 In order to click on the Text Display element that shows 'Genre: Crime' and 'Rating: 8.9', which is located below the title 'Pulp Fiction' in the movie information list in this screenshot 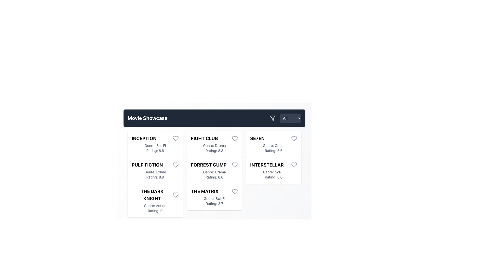, I will do `click(155, 174)`.